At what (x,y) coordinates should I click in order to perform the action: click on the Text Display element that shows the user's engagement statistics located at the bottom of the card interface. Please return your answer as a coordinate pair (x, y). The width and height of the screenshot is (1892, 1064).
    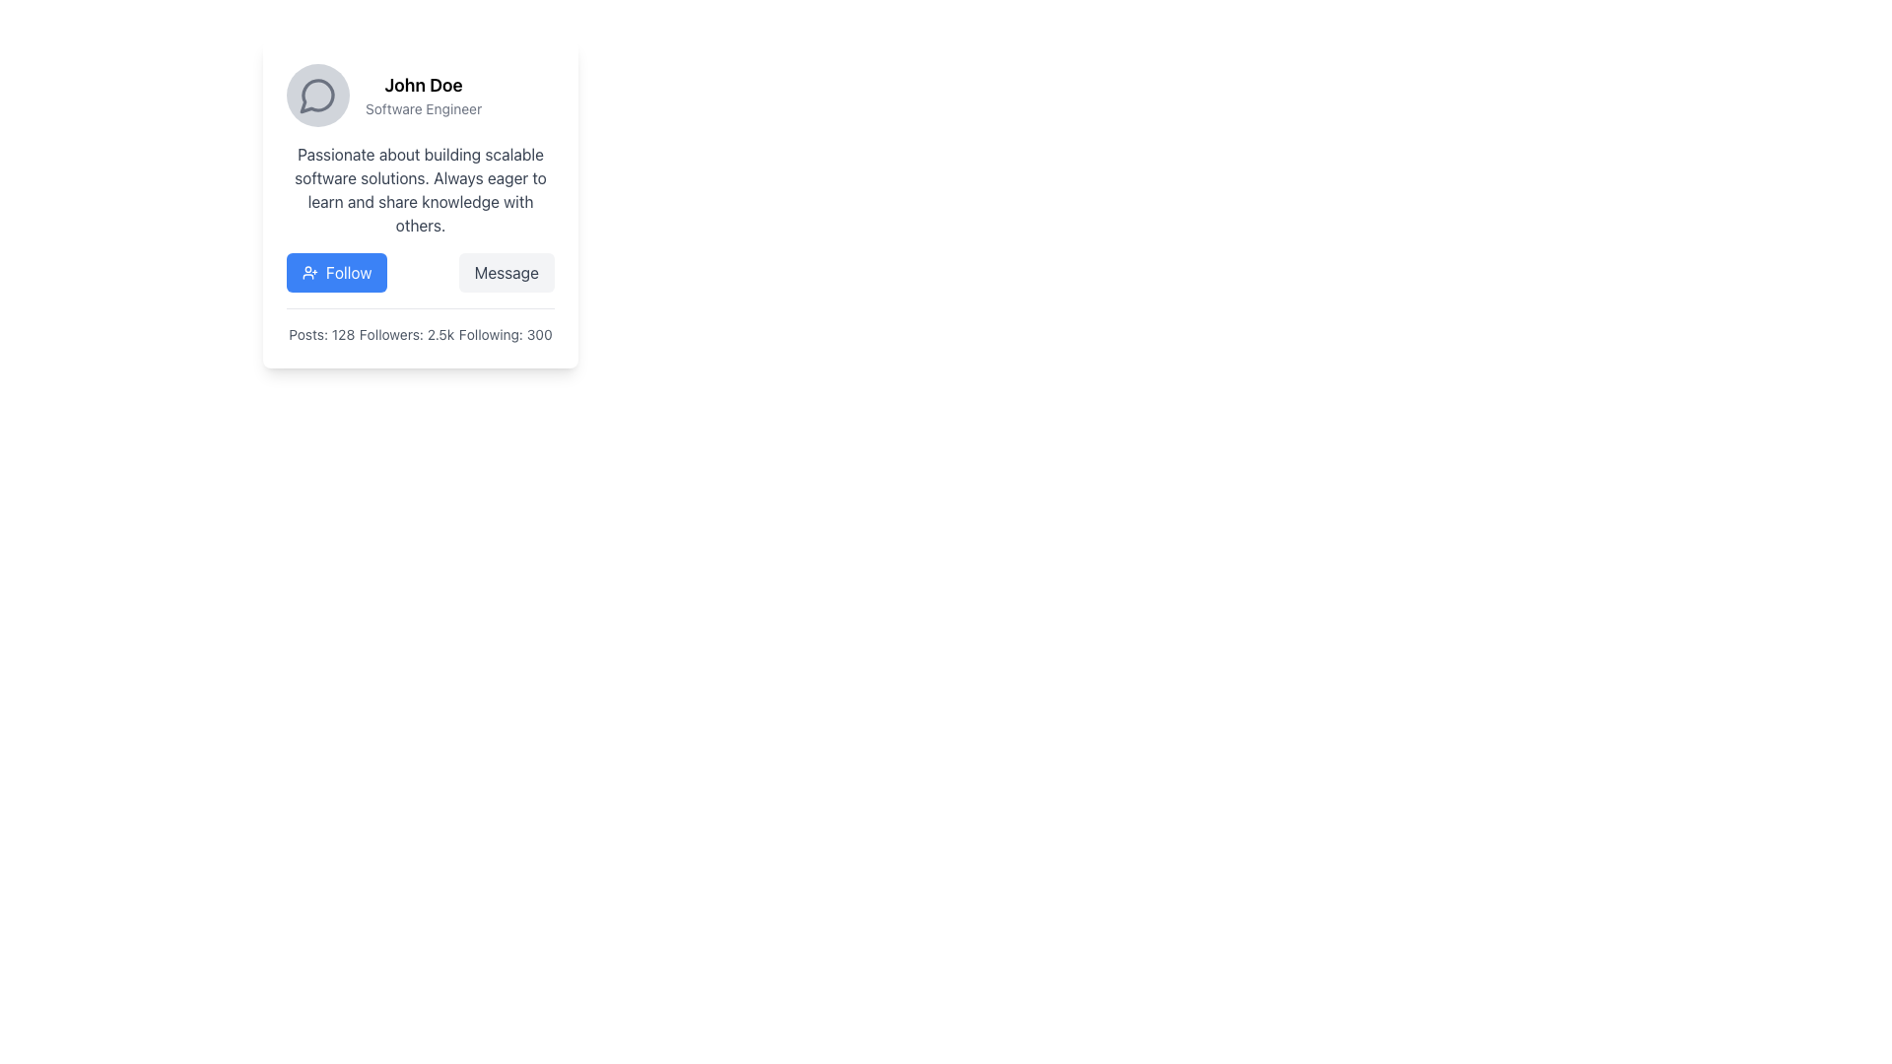
    Looking at the image, I should click on (420, 325).